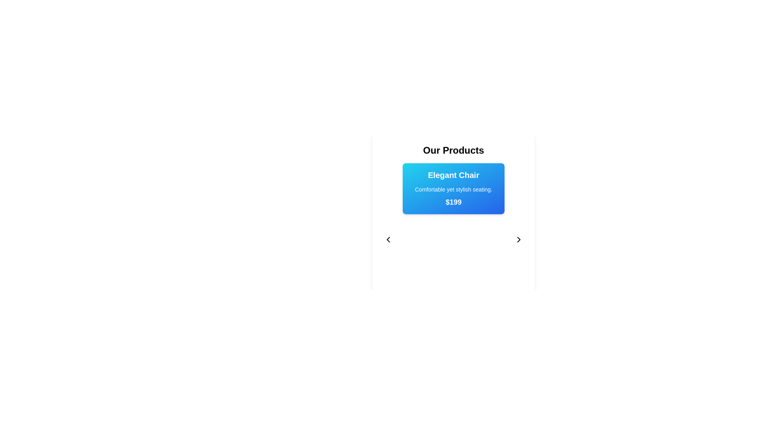 The image size is (764, 430). Describe the element at coordinates (388, 239) in the screenshot. I see `the leftward-pointing chevron icon button to activate keyboard navigation` at that location.